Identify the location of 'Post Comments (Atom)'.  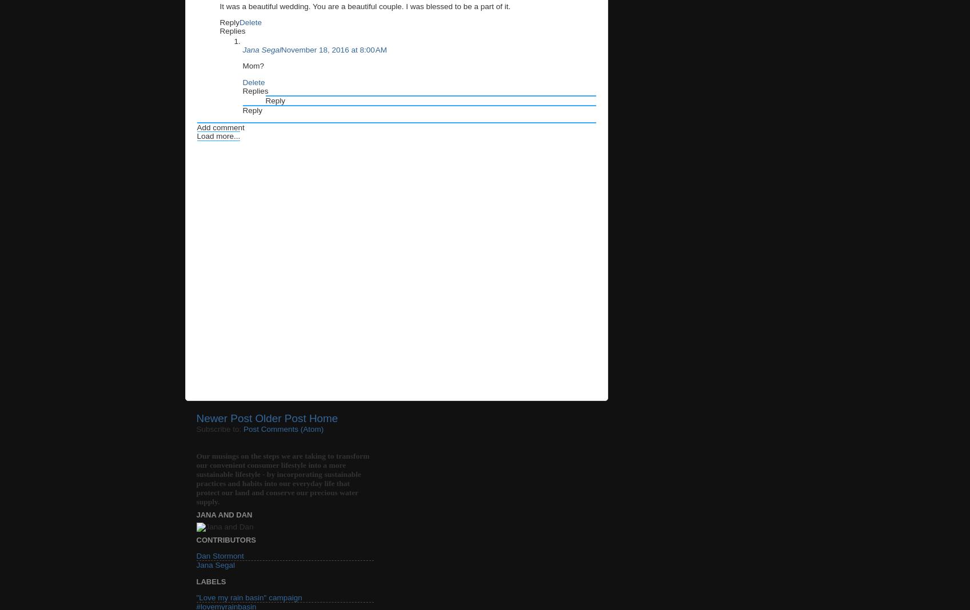
(242, 429).